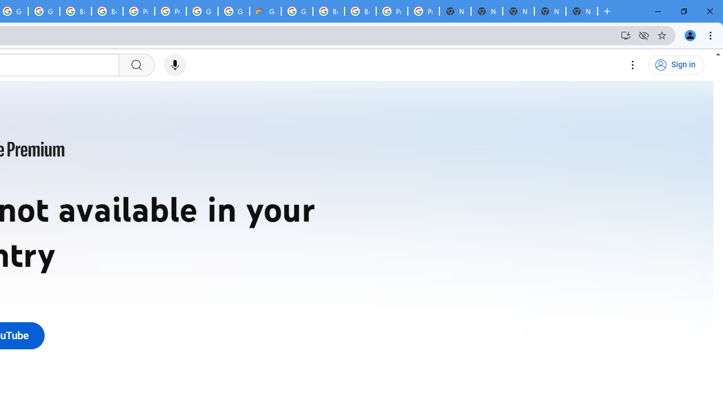  I want to click on 'Search with your voice', so click(174, 65).